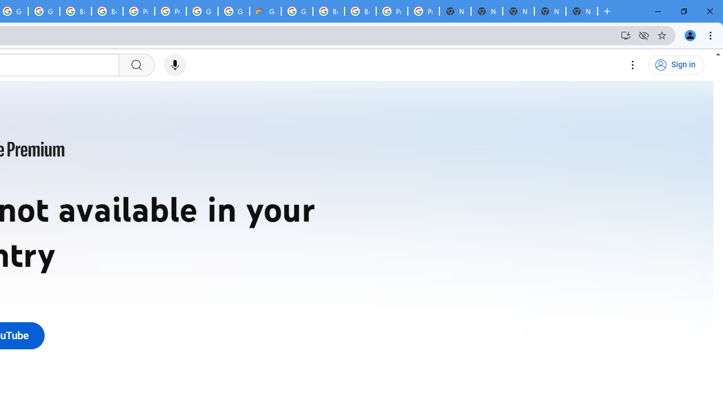  I want to click on 'Search with your voice', so click(174, 65).